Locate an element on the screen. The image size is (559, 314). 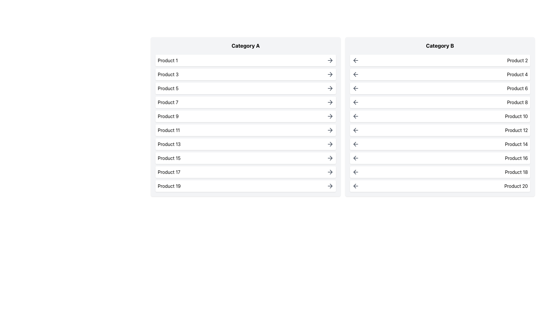
the right-pointing arrow icon button located within the 'Product 13' content area to change its appearance is located at coordinates (330, 144).